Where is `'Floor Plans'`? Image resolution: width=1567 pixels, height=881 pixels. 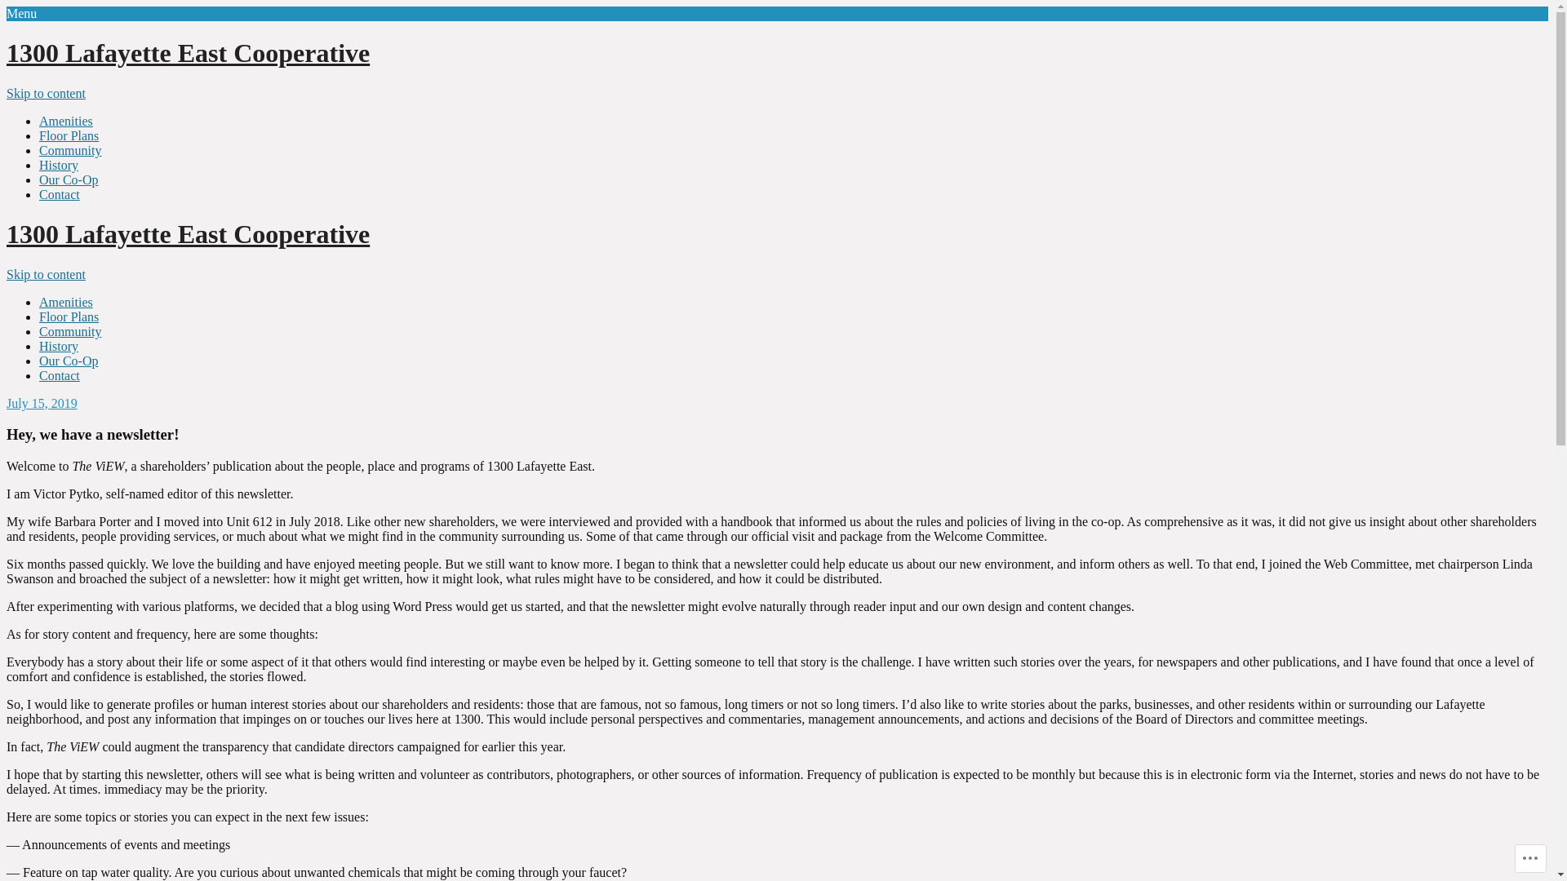
'Floor Plans' is located at coordinates (68, 317).